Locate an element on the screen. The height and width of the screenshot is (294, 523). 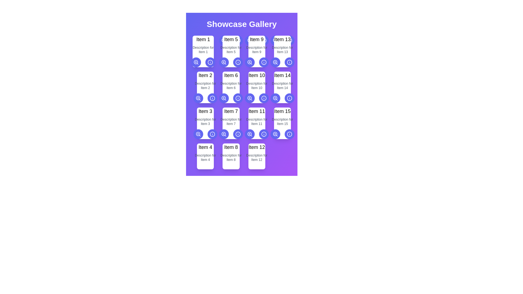
the info button on the third card in the top row of the grid layout is located at coordinates (256, 51).